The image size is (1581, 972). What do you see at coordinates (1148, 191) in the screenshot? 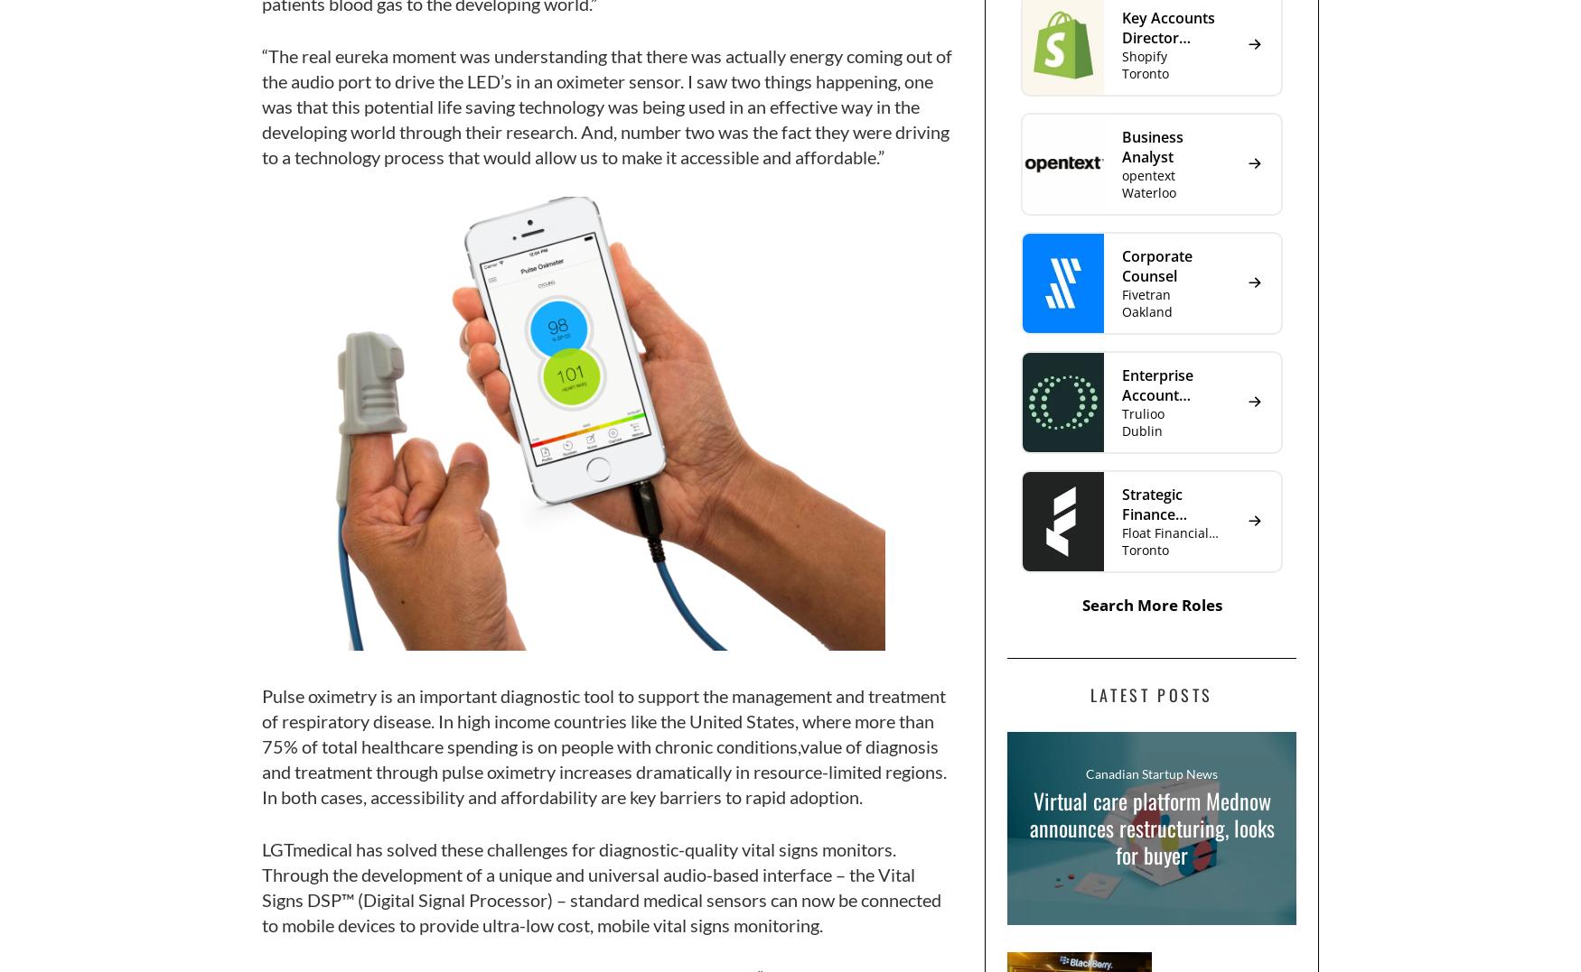
I see `'Waterloo'` at bounding box center [1148, 191].